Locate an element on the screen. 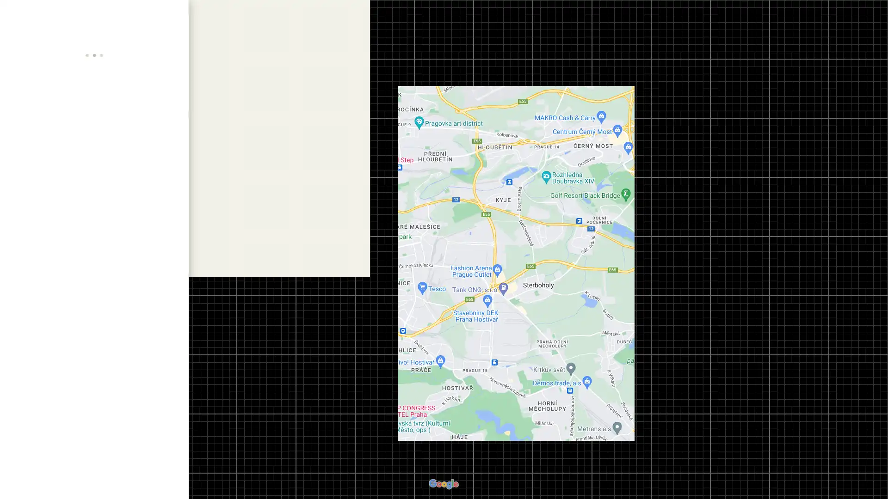 This screenshot has height=499, width=888. Suggest an edit is located at coordinates (94, 320).